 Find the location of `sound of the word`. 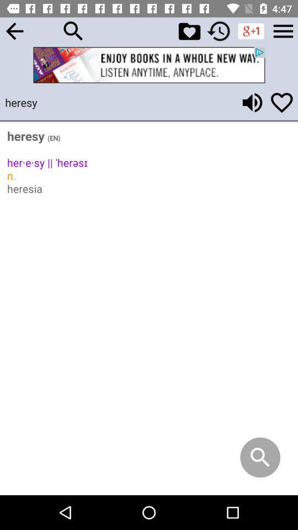

sound of the word is located at coordinates (252, 102).